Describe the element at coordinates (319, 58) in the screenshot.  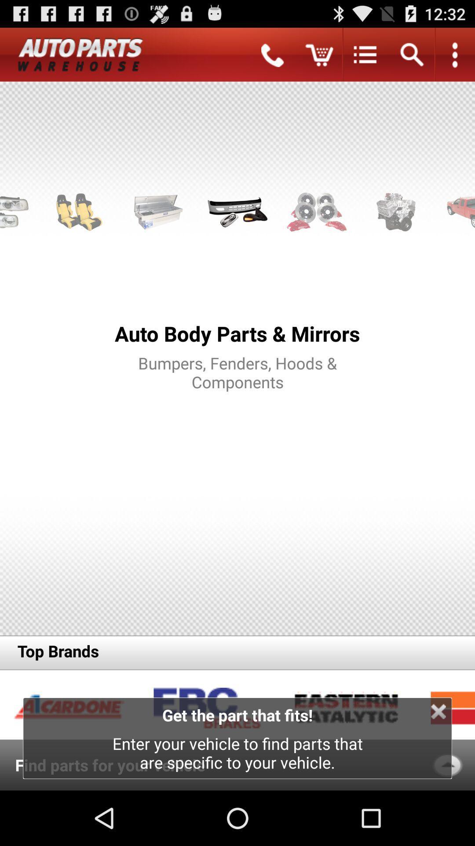
I see `the cart icon` at that location.